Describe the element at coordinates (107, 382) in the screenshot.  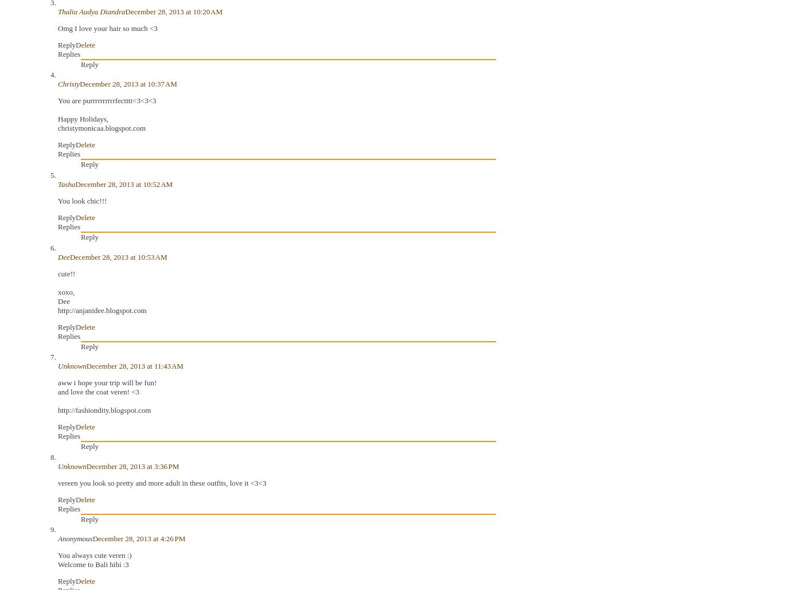
I see `'aww i hope your trip will be fun!'` at that location.